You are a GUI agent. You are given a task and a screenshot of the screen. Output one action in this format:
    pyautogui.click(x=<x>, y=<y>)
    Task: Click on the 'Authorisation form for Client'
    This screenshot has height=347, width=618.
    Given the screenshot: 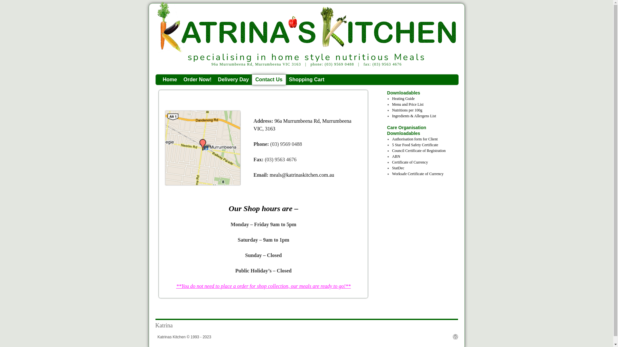 What is the action you would take?
    pyautogui.click(x=415, y=138)
    